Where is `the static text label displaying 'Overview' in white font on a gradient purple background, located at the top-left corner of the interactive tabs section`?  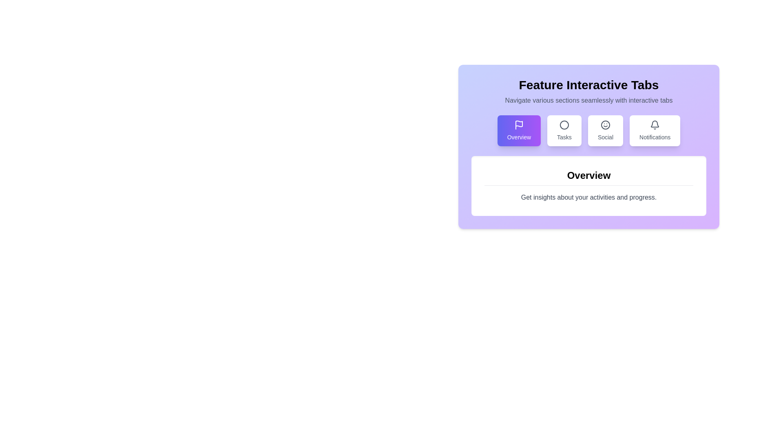
the static text label displaying 'Overview' in white font on a gradient purple background, located at the top-left corner of the interactive tabs section is located at coordinates (518, 136).